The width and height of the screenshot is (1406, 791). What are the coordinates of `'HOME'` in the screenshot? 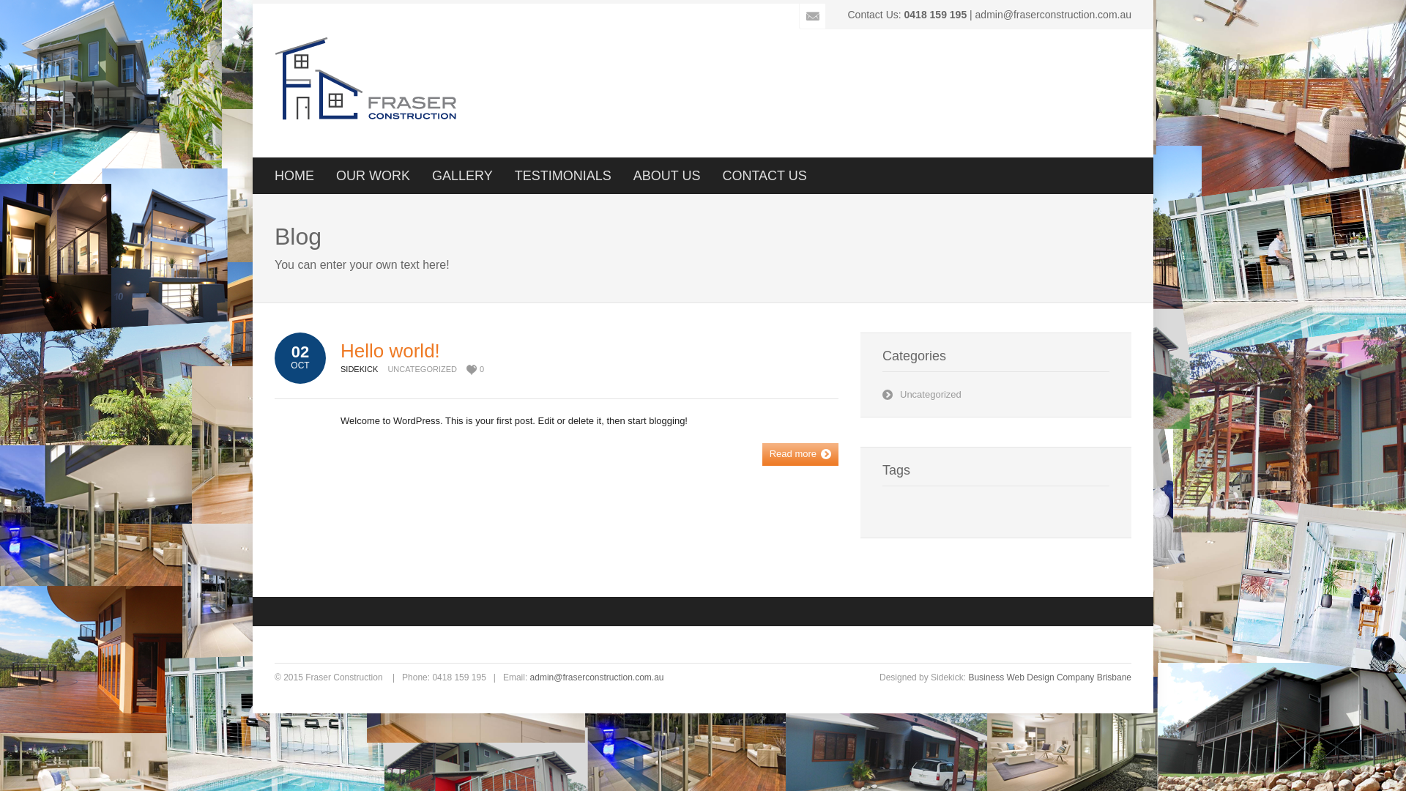 It's located at (294, 174).